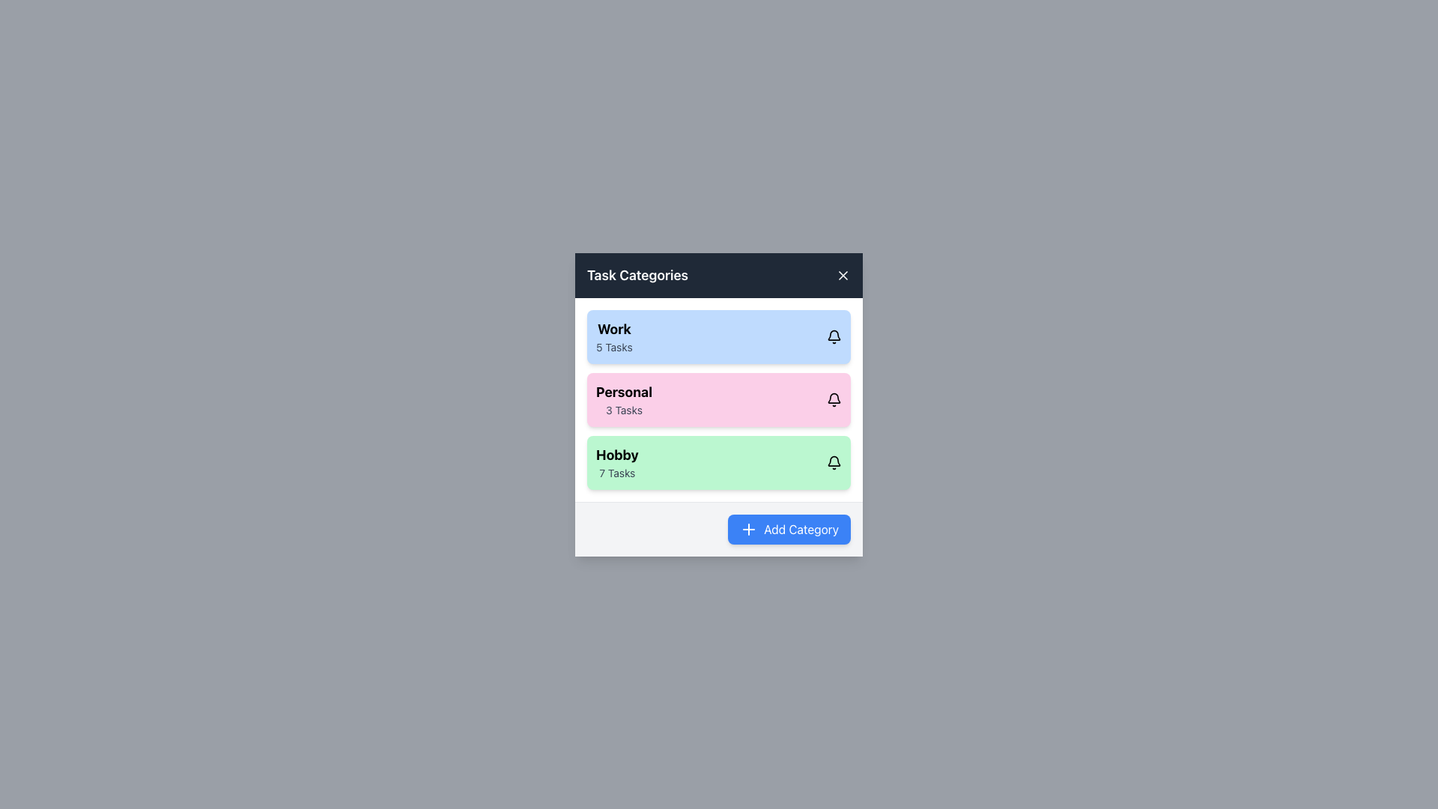 The image size is (1438, 809). I want to click on the text label displaying the number of tasks in the 'Personal' category, located in the pink section of the 'Task Categories' modal, below the 'Personal' text, so click(624, 410).